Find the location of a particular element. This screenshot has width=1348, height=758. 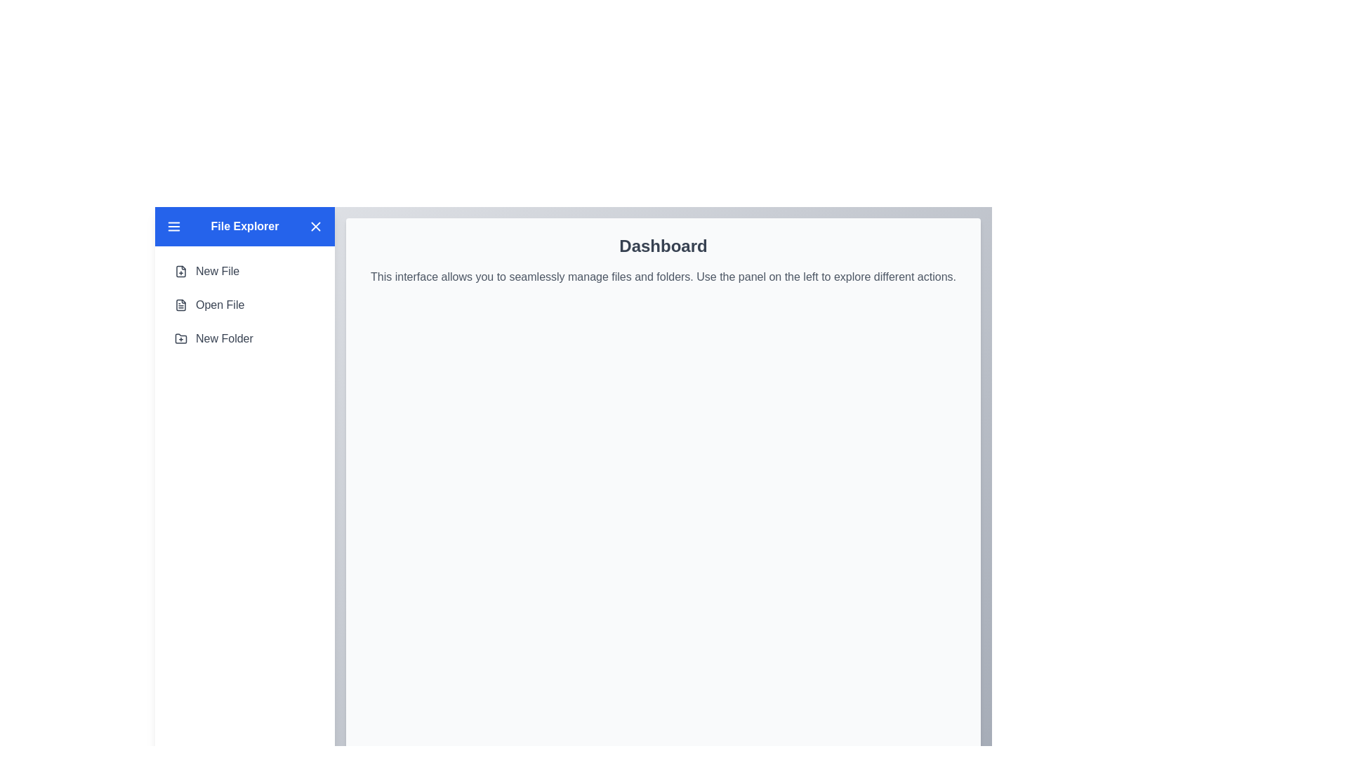

the second button labeled 'Open File' in the vertical list of buttons in the 'File Explorer' sidebar is located at coordinates (245, 305).